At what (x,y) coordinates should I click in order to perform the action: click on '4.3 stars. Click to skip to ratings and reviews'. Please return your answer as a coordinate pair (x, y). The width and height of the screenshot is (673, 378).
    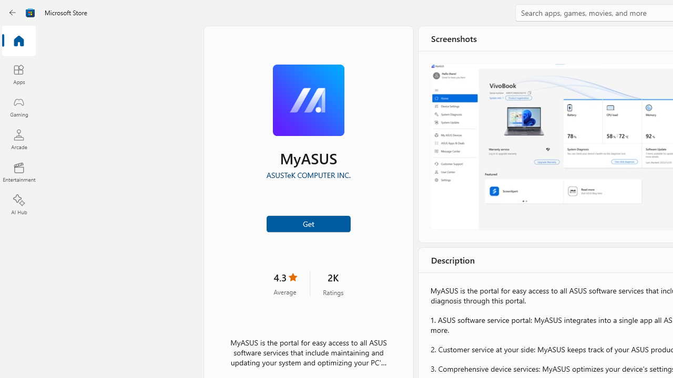
    Looking at the image, I should click on (285, 283).